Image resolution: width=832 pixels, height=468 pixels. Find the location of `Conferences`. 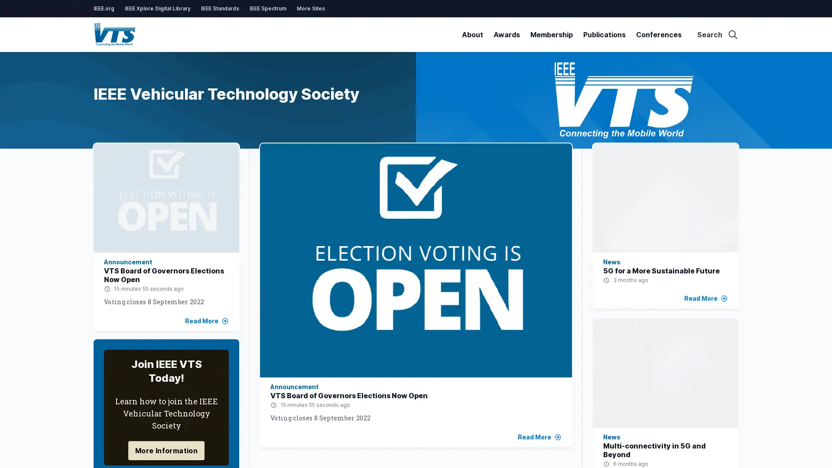

Conferences is located at coordinates (659, 34).